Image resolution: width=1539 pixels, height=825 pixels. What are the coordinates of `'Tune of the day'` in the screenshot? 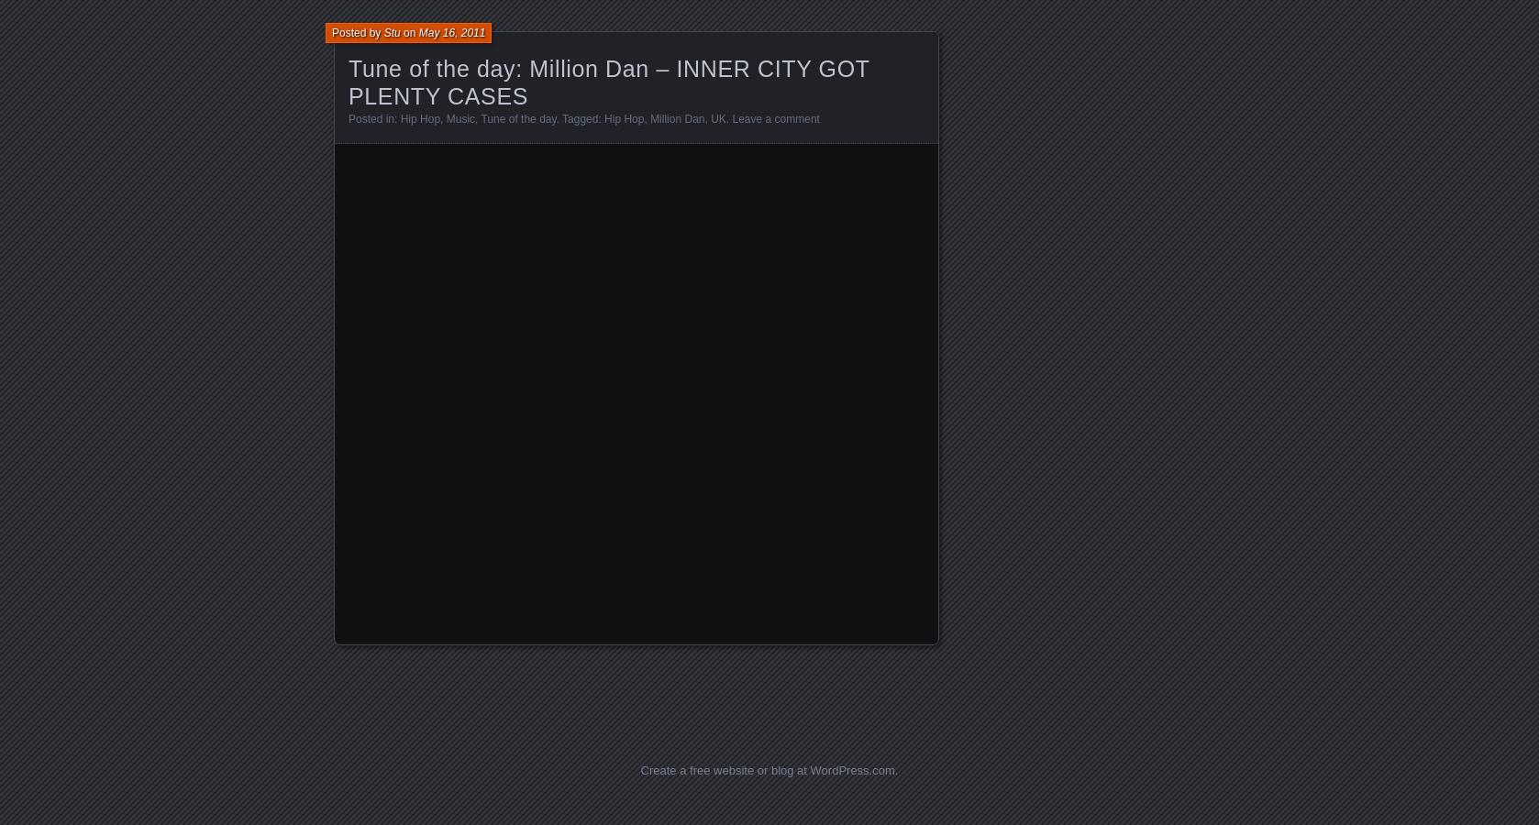 It's located at (516, 118).